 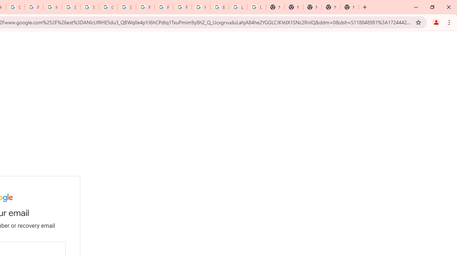 I want to click on 'Privacy Help Center - Policies Help', so click(x=163, y=7).